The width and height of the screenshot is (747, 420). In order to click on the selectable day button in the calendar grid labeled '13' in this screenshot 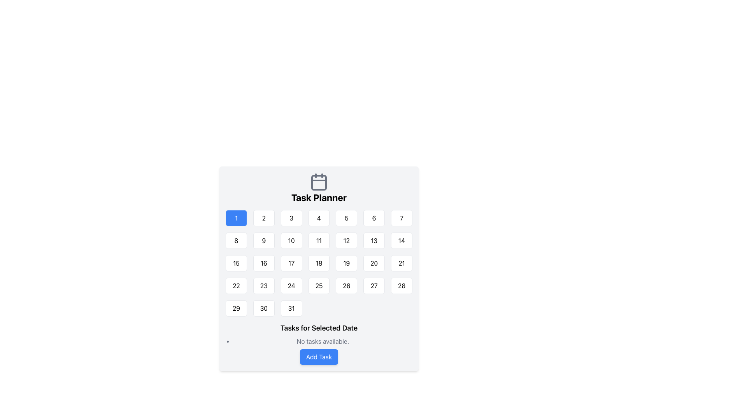, I will do `click(374, 240)`.